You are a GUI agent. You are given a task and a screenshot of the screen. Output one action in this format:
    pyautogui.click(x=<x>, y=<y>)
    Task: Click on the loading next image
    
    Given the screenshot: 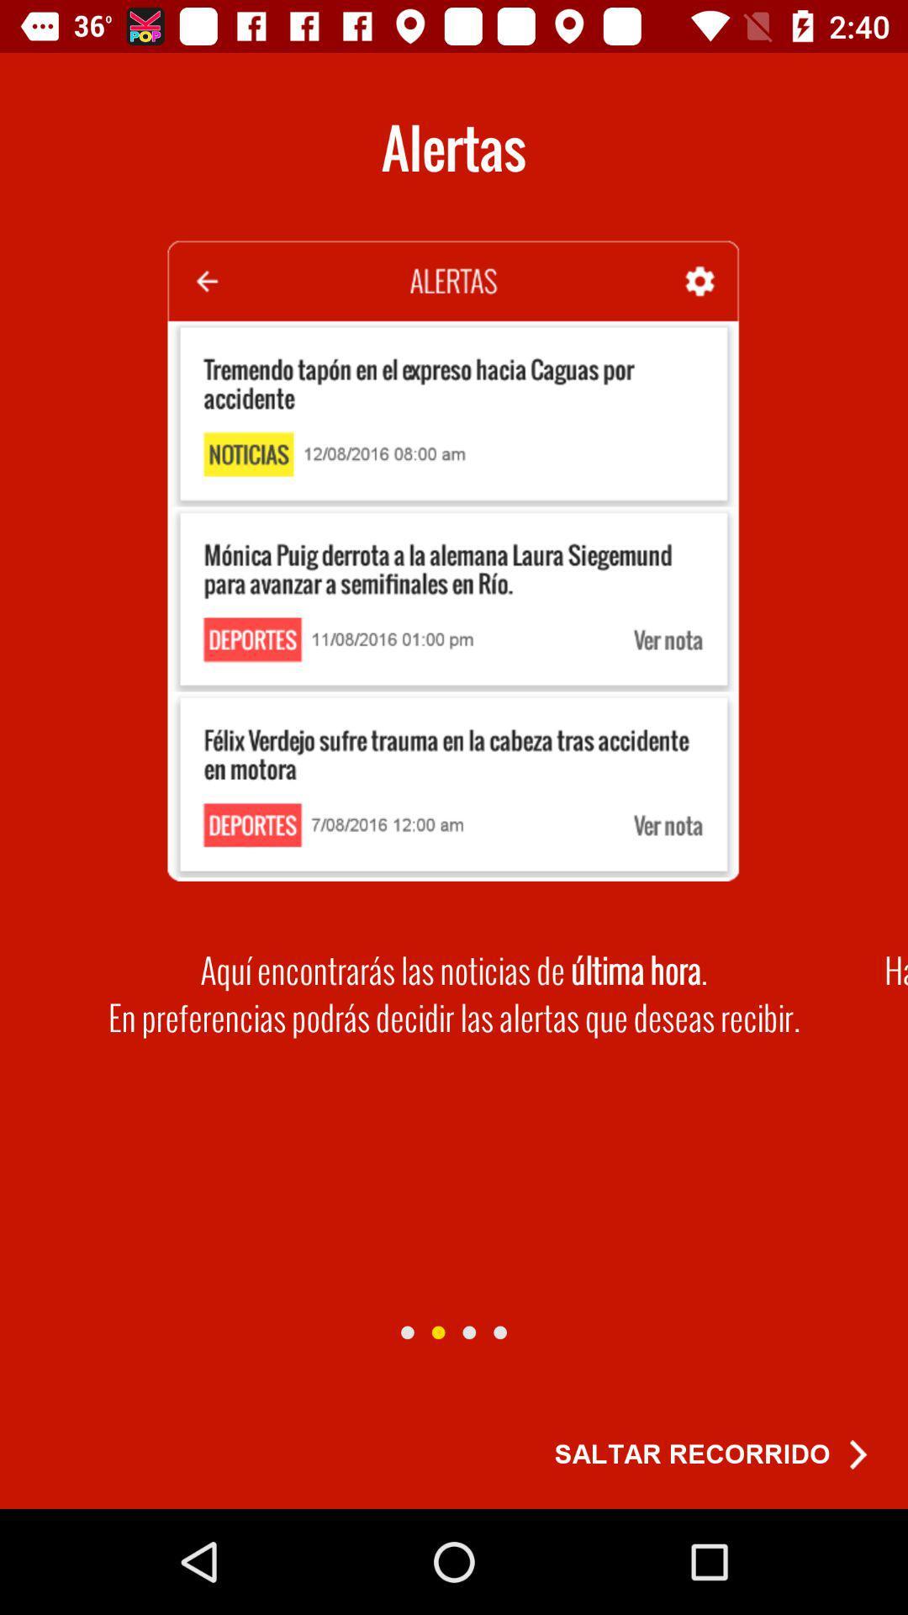 What is the action you would take?
    pyautogui.click(x=407, y=1332)
    